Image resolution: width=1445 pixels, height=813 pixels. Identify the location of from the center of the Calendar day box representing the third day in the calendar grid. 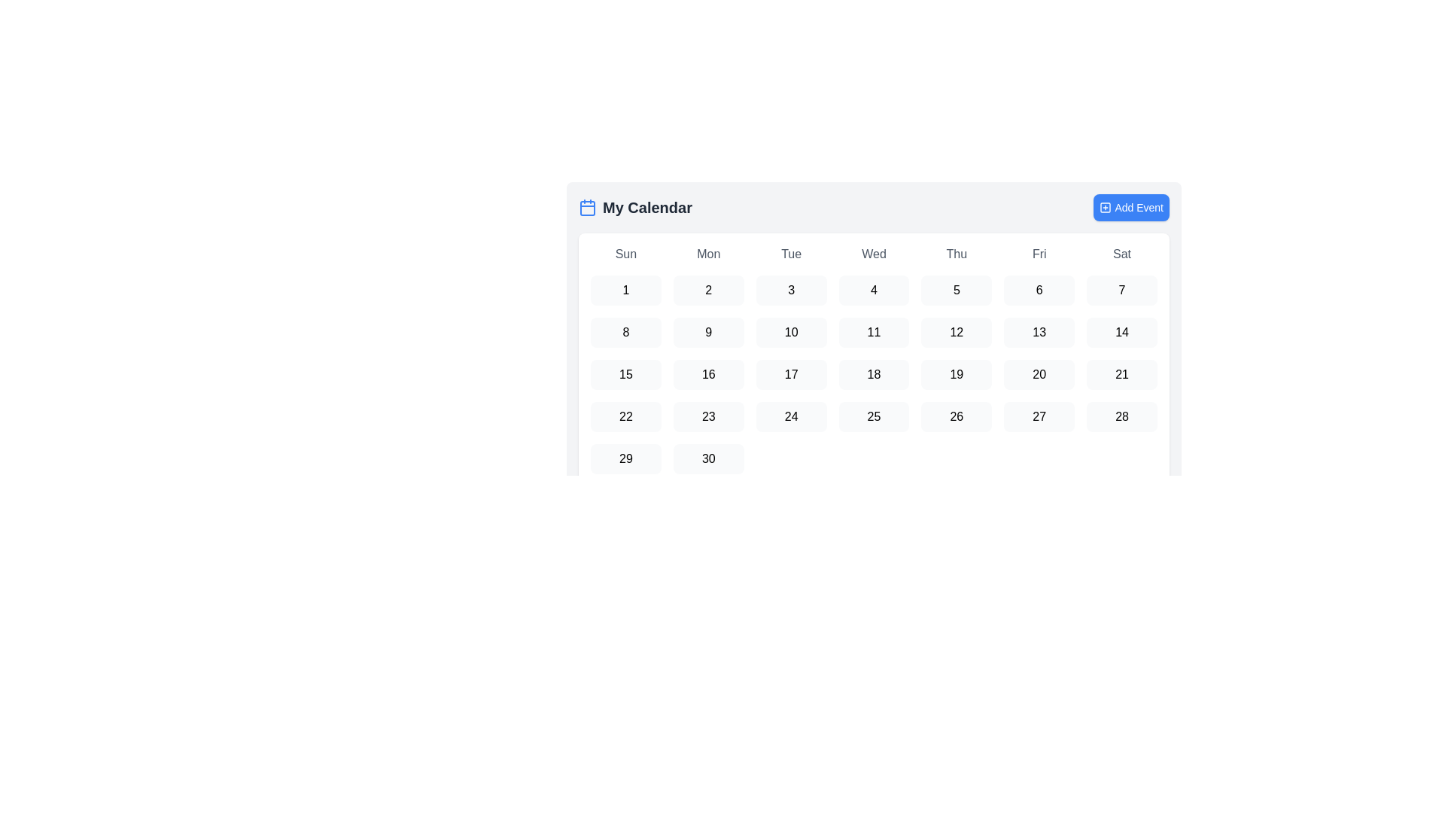
(790, 290).